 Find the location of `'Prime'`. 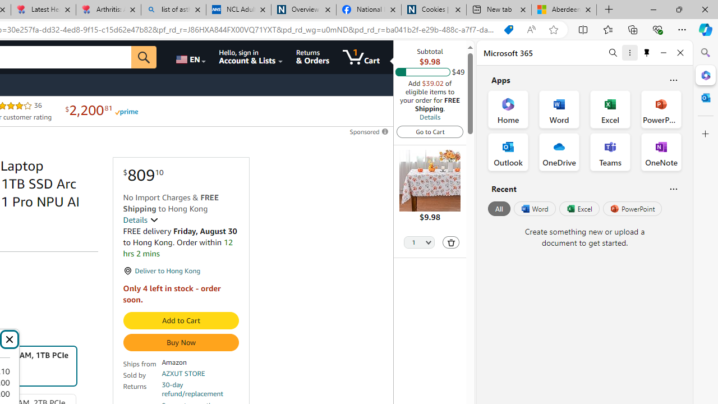

'Prime' is located at coordinates (126, 112).